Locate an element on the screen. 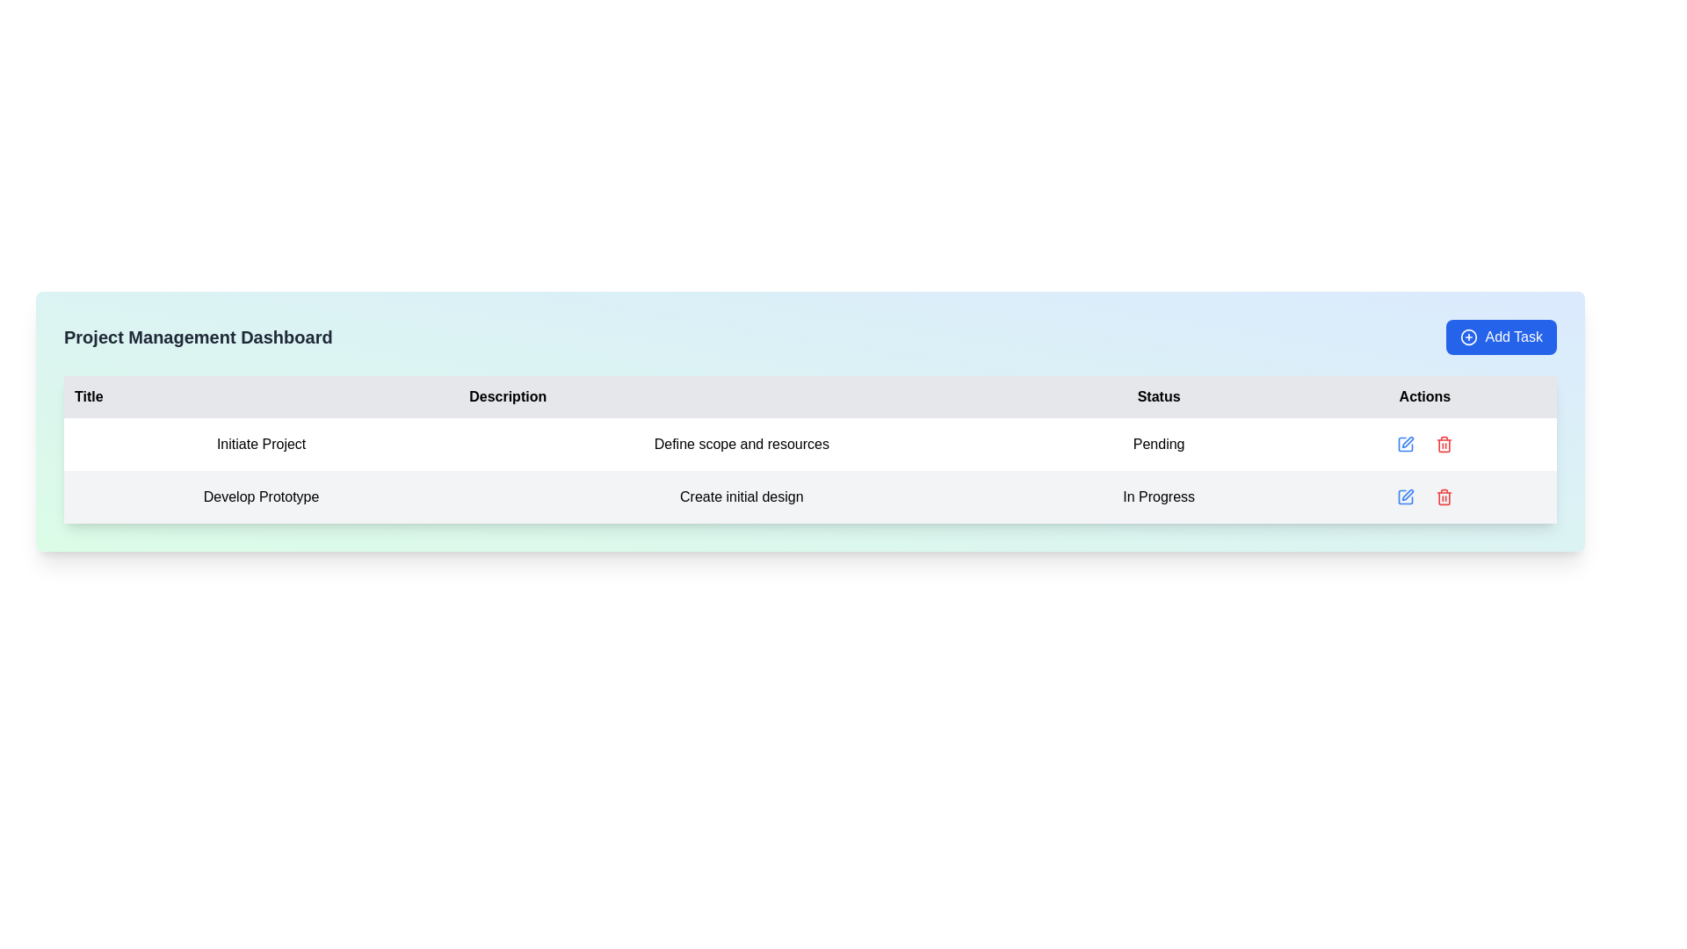  the blue-colored button with a pen glyph located in the 'Actions' column of the table next to the 'In Progress' task is located at coordinates (1404, 497).